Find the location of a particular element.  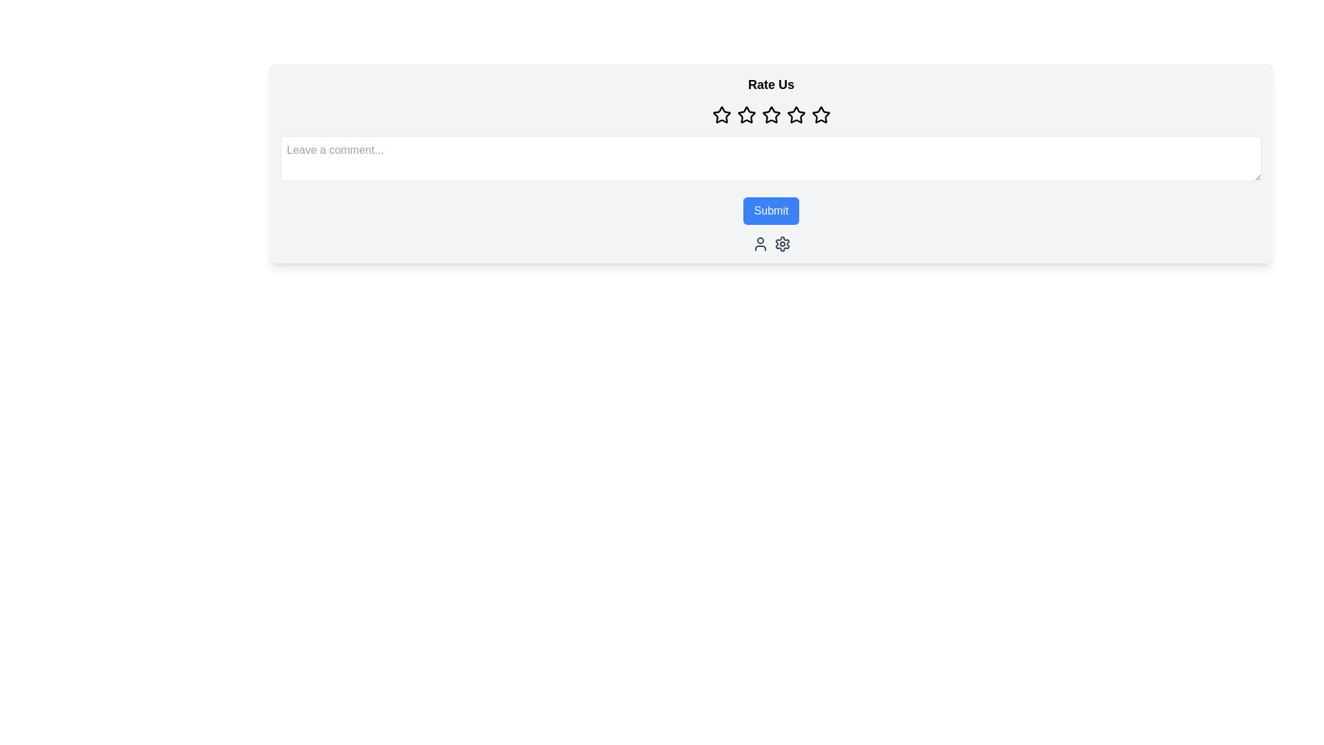

the gear icon button, which is styled in gray and located below the 'Submit' button, as it represents settings is located at coordinates (782, 244).